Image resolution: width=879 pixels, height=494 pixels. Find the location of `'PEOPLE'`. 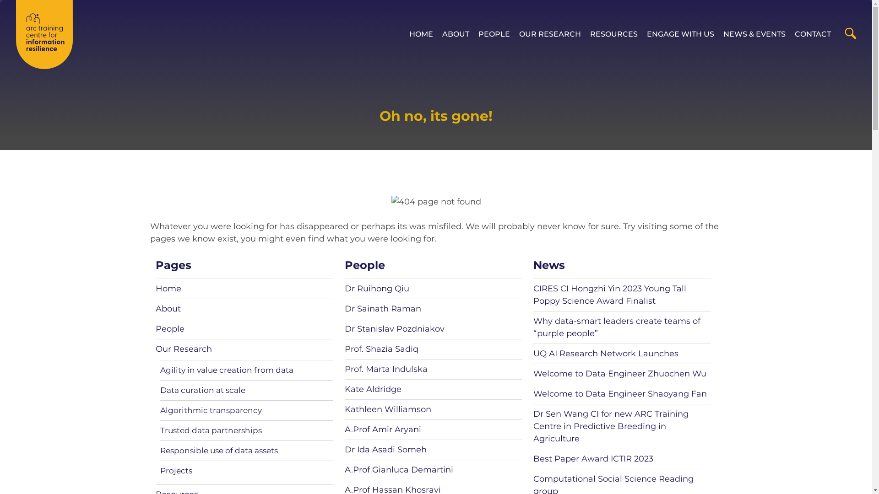

'PEOPLE' is located at coordinates (494, 33).